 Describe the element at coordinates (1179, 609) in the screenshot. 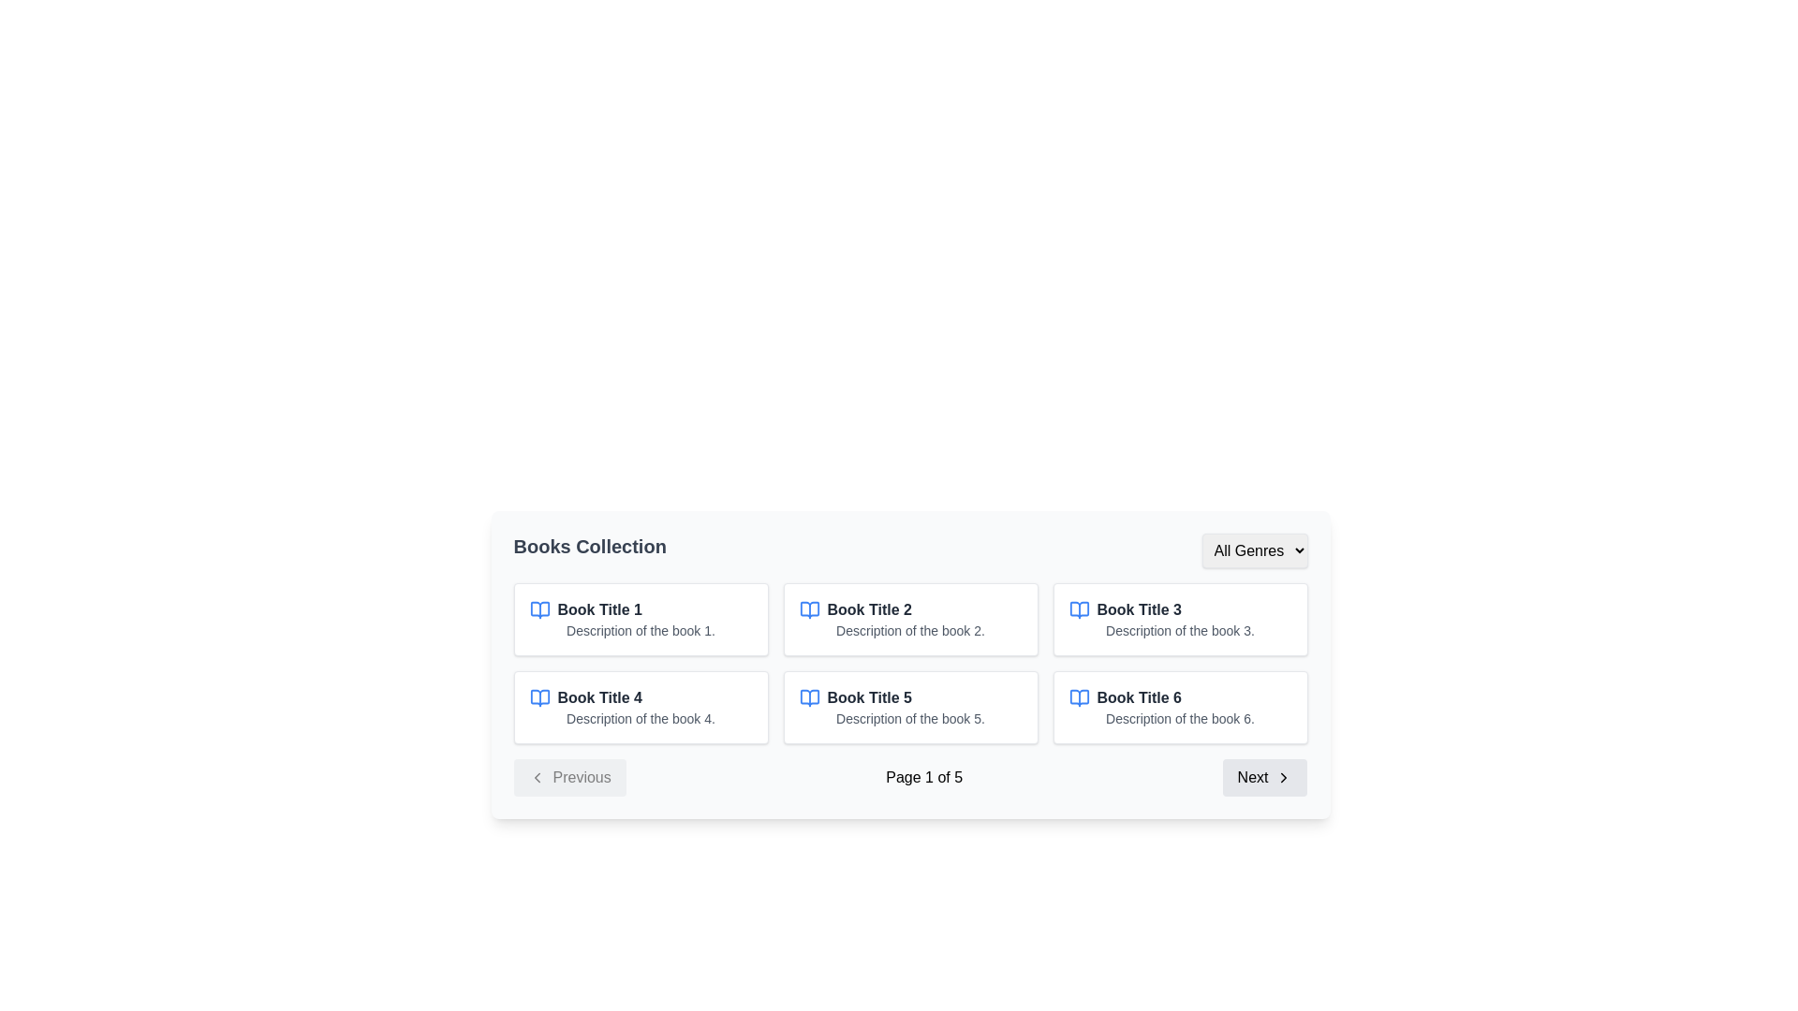

I see `text description for the book titled 'Book Title 3' located at the top-right of the first row in the 'Books Collection' section` at that location.